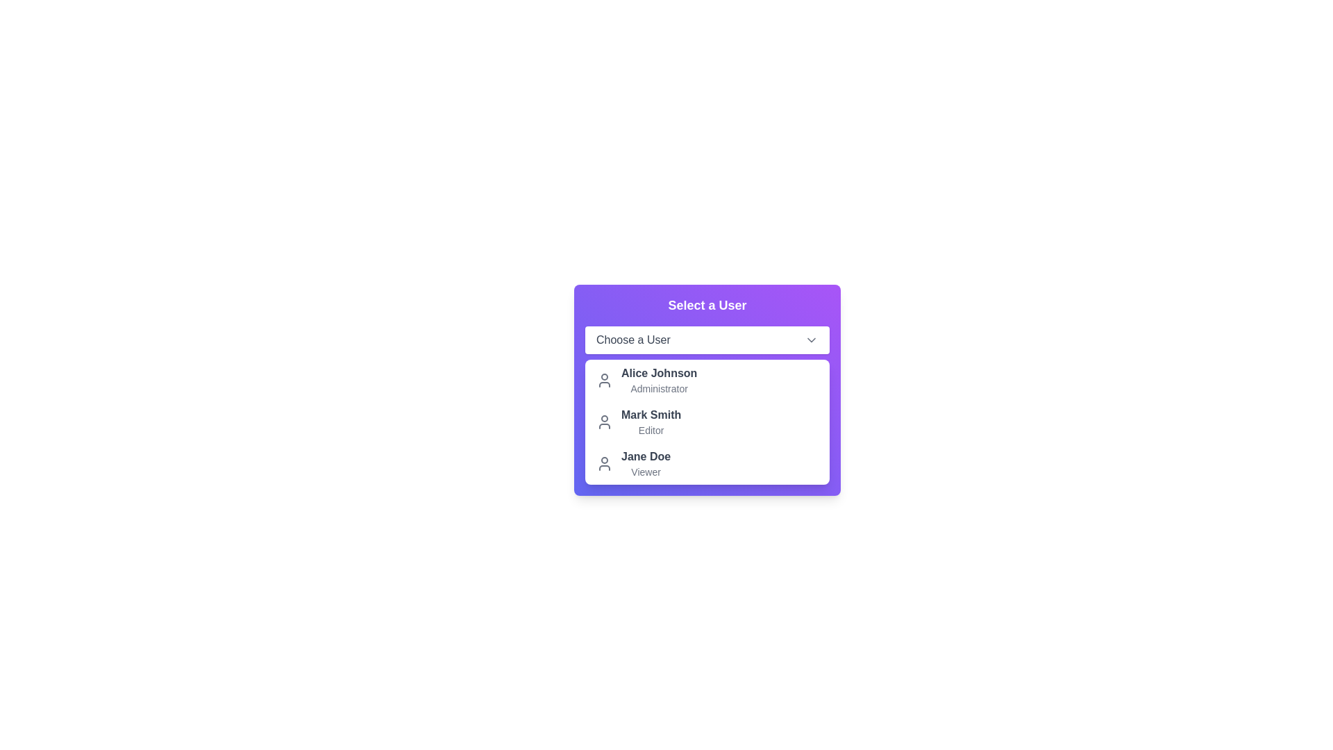 The height and width of the screenshot is (750, 1333). What do you see at coordinates (651, 414) in the screenshot?
I see `the Label or Text Element that displays the name of the individual associated with the user entry in the selection list, positioned in the center of the user selection modal` at bounding box center [651, 414].